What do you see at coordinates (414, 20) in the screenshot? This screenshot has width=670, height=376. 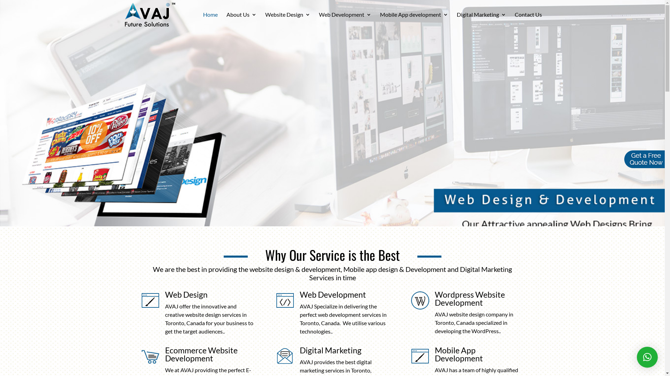 I see `'Mobile App development'` at bounding box center [414, 20].